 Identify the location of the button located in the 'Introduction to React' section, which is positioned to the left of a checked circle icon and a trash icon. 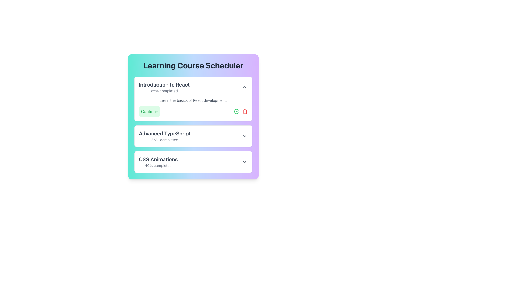
(149, 111).